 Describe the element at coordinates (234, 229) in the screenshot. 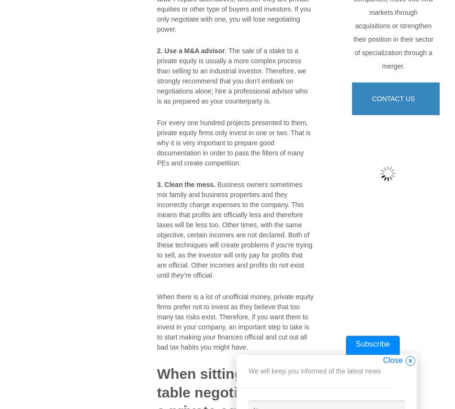

I see `'Business owners sometimes mix family and business properties and they incorrectly charge expenses to the company. This means that profits are officially less and therefore taxes will be less too. Other times, with the same objective, certain incomes are not declared. Both of these techniques will create problems if you’re trying to sell, as the investor will only pay for profits that are official. Other incomes and profits do not exist until they’re official.'` at that location.